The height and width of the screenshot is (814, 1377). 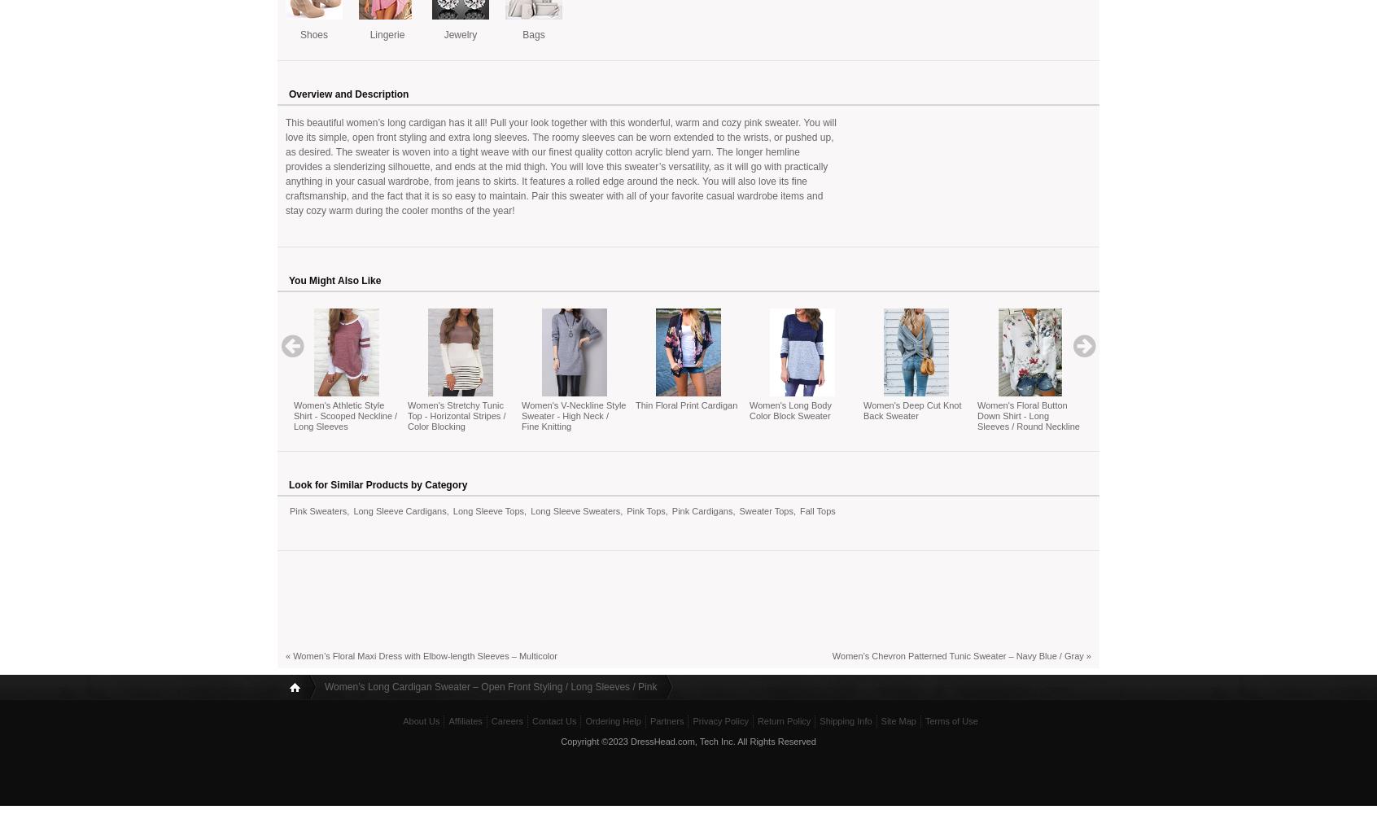 What do you see at coordinates (464, 721) in the screenshot?
I see `'Affiliates'` at bounding box center [464, 721].